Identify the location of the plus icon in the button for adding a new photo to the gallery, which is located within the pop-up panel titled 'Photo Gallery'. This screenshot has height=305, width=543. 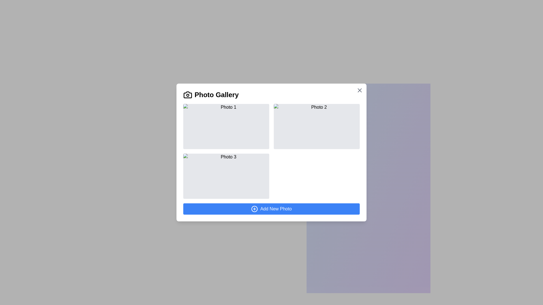
(254, 209).